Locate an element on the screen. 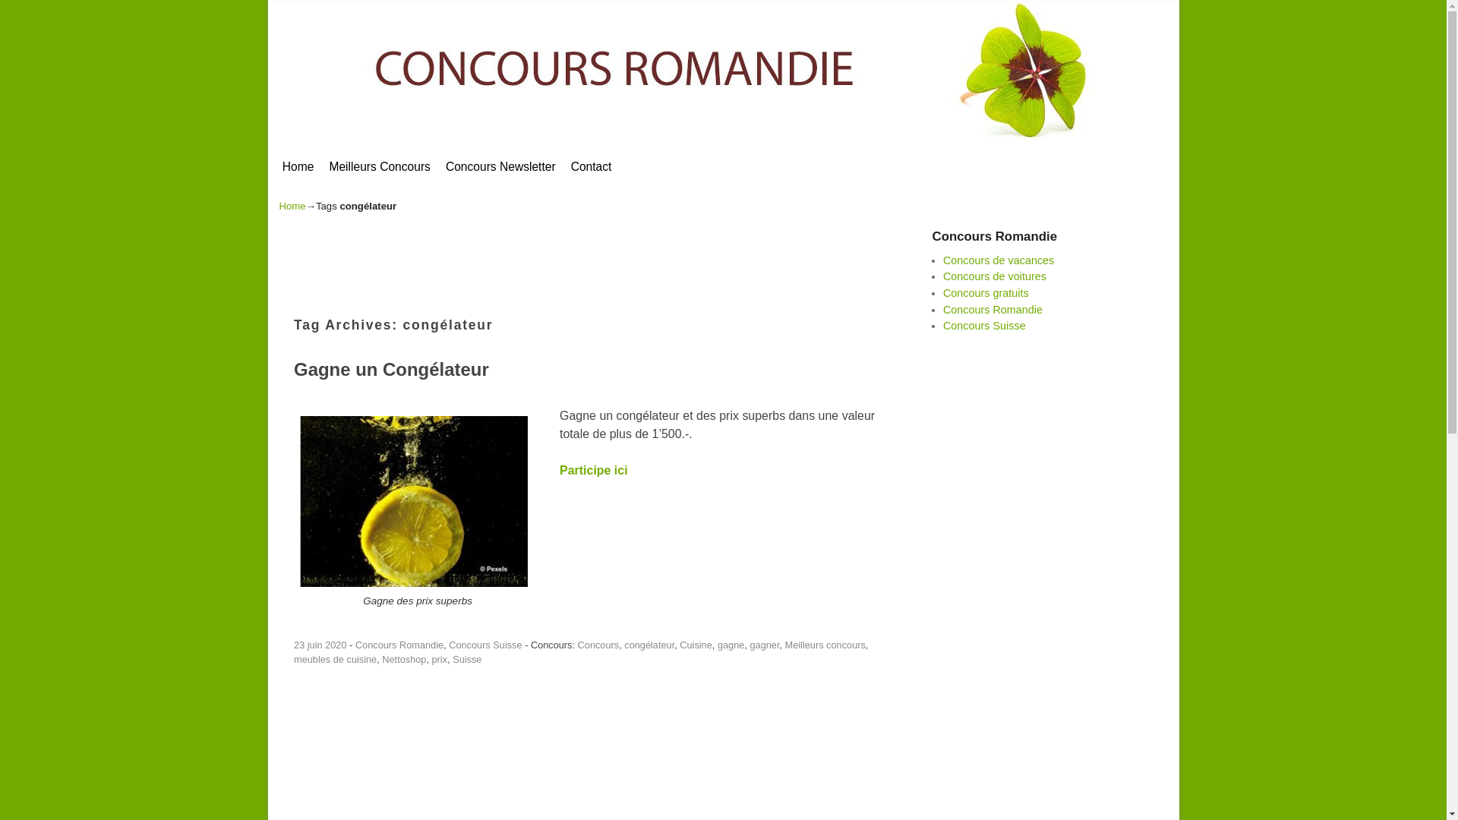 The width and height of the screenshot is (1458, 820). 'prix' is located at coordinates (439, 658).